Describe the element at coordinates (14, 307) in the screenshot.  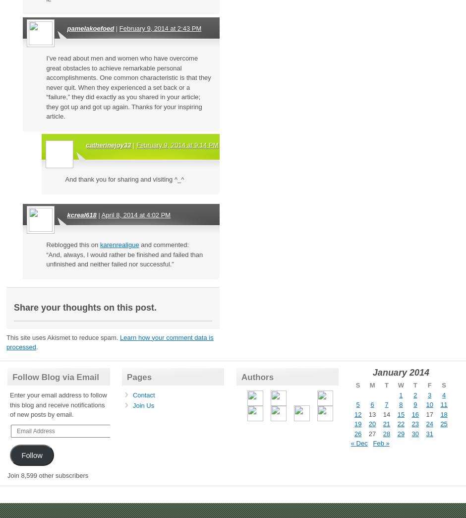
I see `'Share your thoughts on this post.'` at that location.